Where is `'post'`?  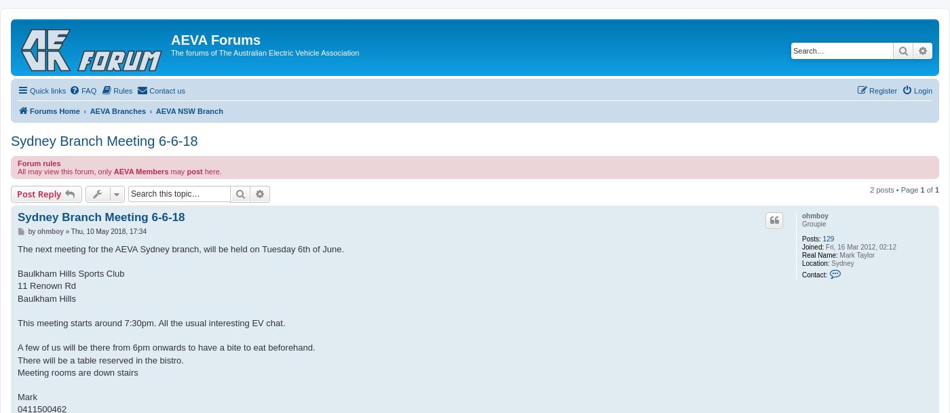
'post' is located at coordinates (194, 170).